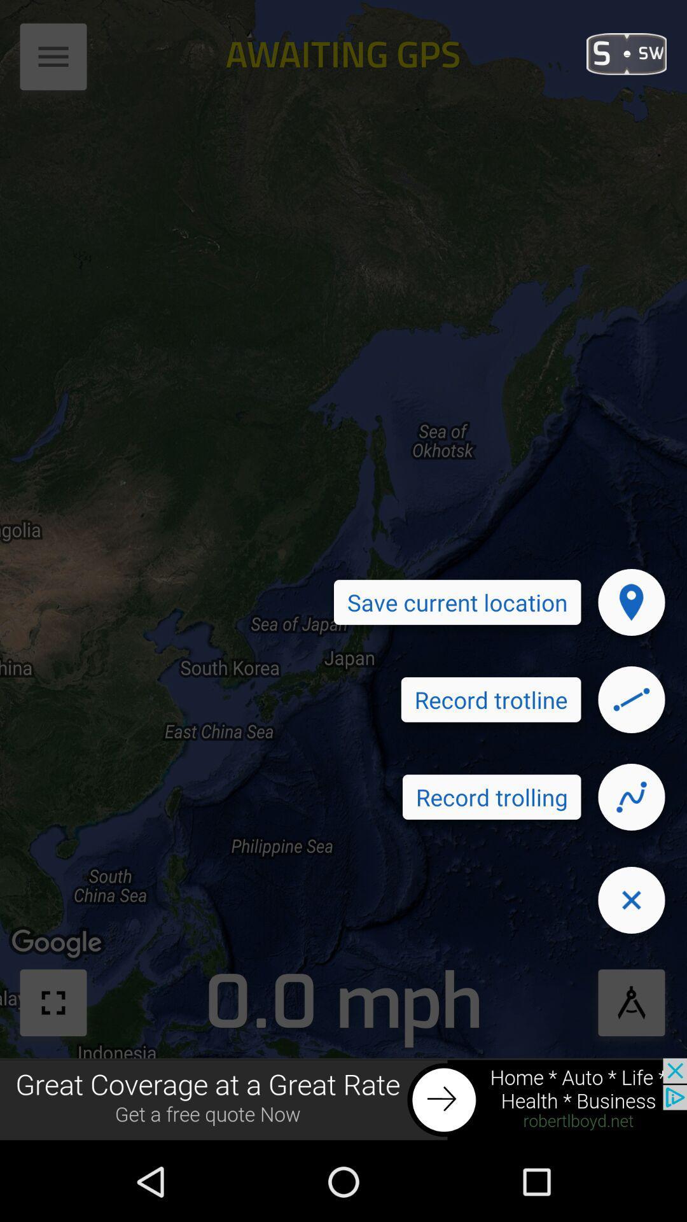 This screenshot has width=687, height=1222. What do you see at coordinates (631, 601) in the screenshot?
I see `the location icon` at bounding box center [631, 601].